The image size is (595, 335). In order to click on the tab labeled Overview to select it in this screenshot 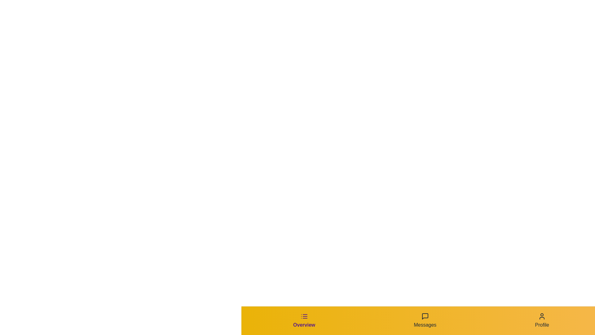, I will do `click(304, 320)`.